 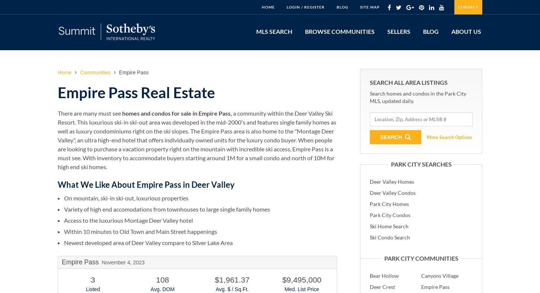 I want to click on 'homes and condos for sale in Empire Pass,', so click(x=177, y=113).